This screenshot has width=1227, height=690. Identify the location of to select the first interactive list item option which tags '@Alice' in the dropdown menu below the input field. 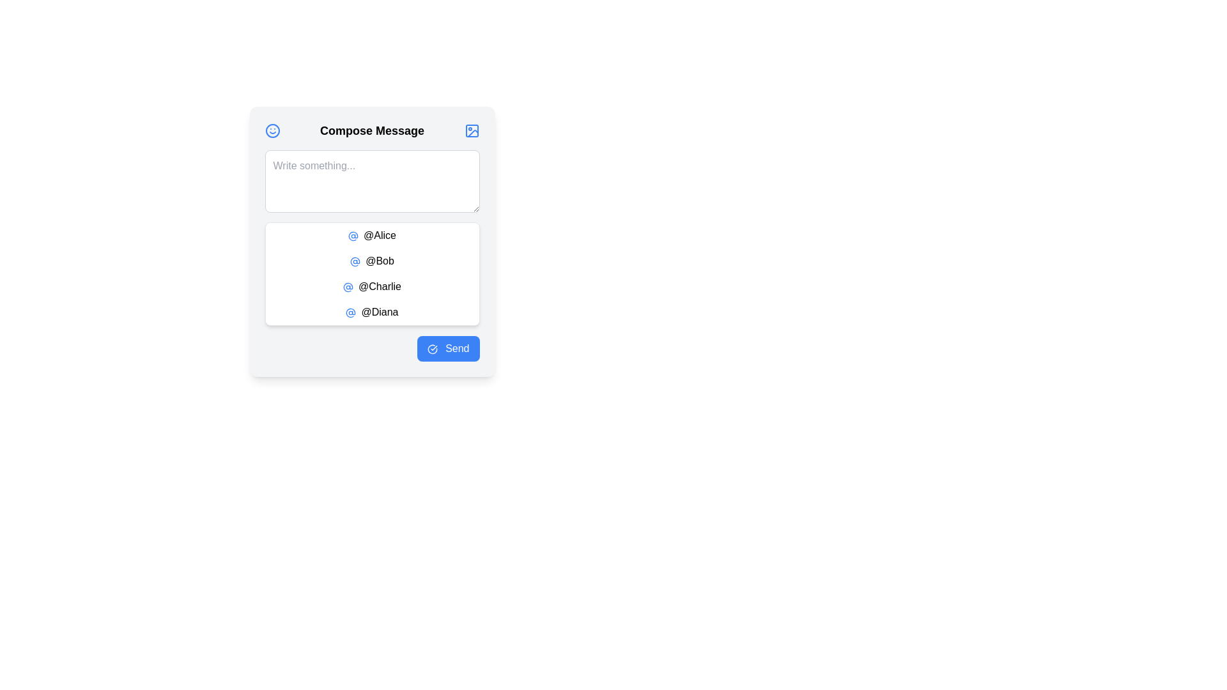
(371, 236).